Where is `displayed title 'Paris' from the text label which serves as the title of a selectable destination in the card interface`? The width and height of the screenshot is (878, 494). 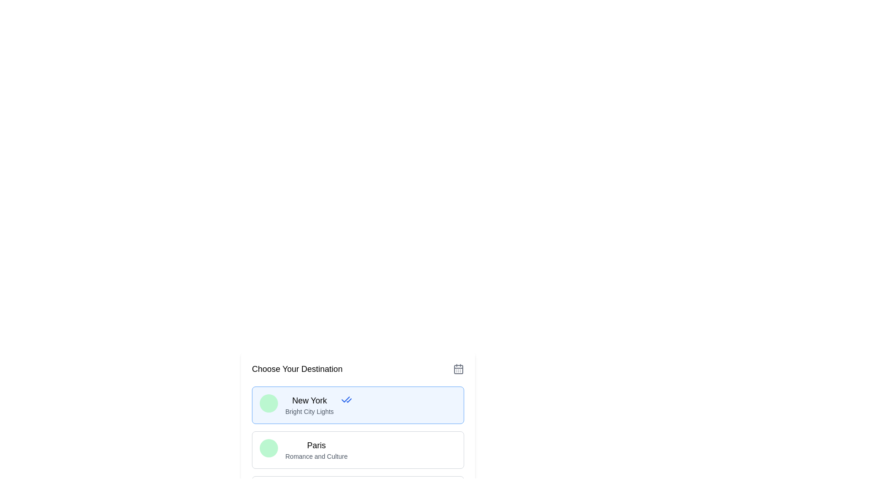 displayed title 'Paris' from the text label which serves as the title of a selectable destination in the card interface is located at coordinates (316, 445).